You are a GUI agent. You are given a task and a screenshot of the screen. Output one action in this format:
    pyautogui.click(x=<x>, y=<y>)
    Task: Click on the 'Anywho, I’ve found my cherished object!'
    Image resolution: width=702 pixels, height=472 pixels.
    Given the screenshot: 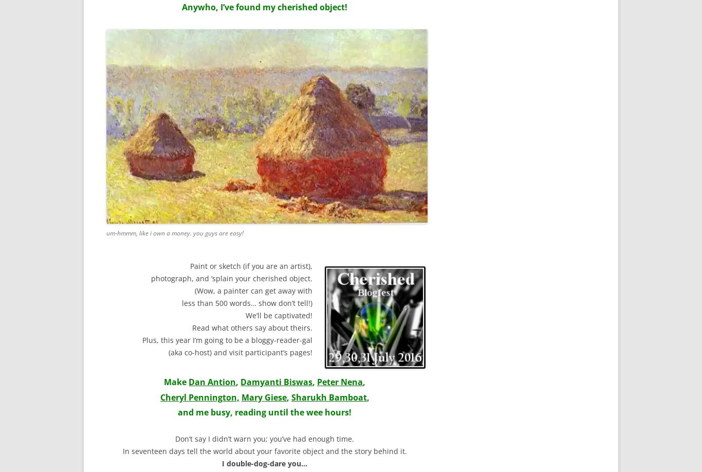 What is the action you would take?
    pyautogui.click(x=264, y=7)
    